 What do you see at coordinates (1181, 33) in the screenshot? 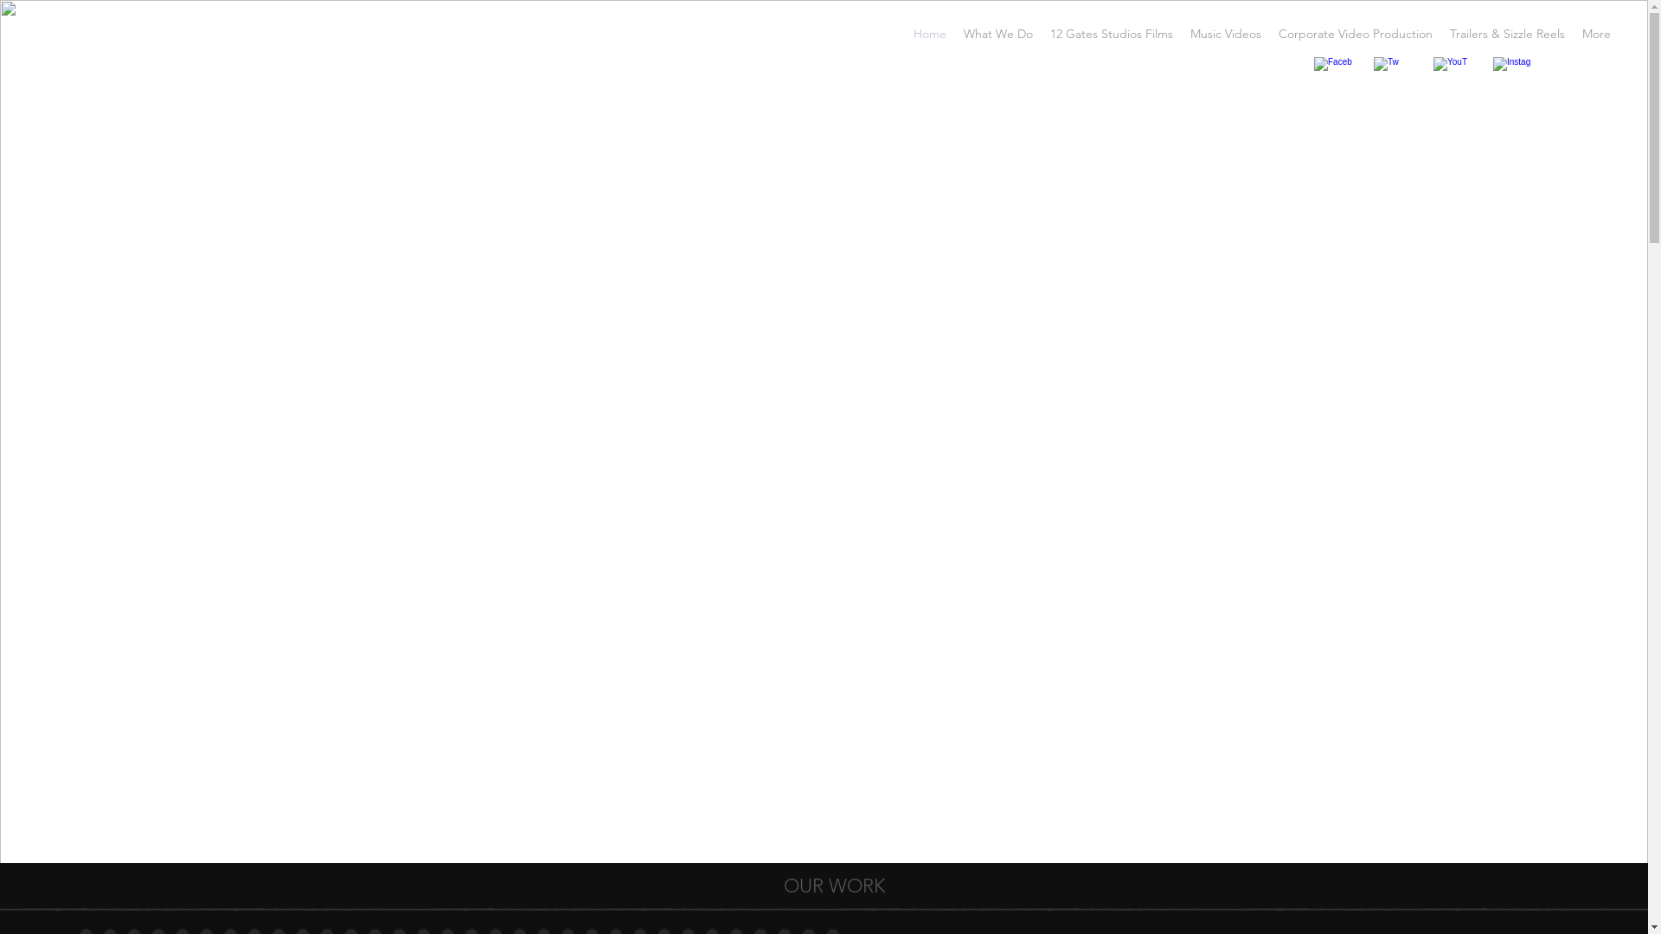
I see `'Music Videos'` at bounding box center [1181, 33].